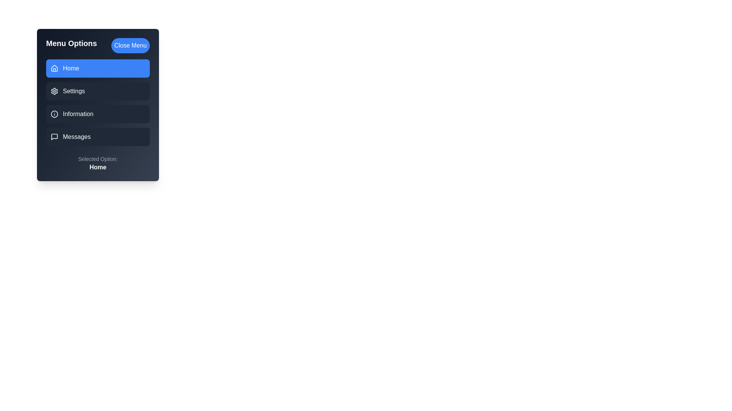  What do you see at coordinates (98, 103) in the screenshot?
I see `the 'Settings' option in the vertical navigation menu, which is the second item in the list` at bounding box center [98, 103].